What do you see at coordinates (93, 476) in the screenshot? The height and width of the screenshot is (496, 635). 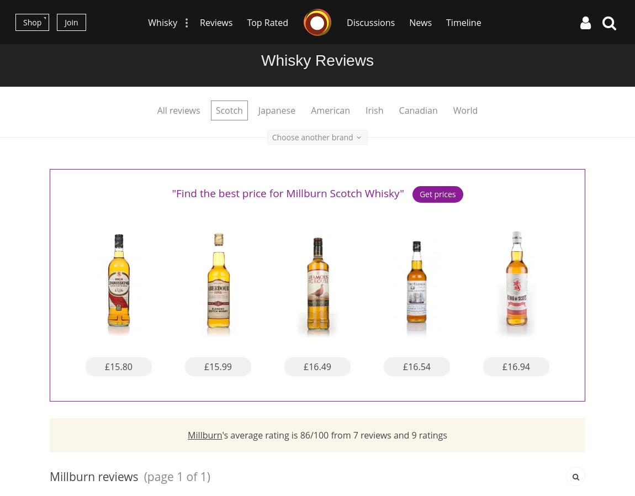 I see `'Millburn reviews'` at bounding box center [93, 476].